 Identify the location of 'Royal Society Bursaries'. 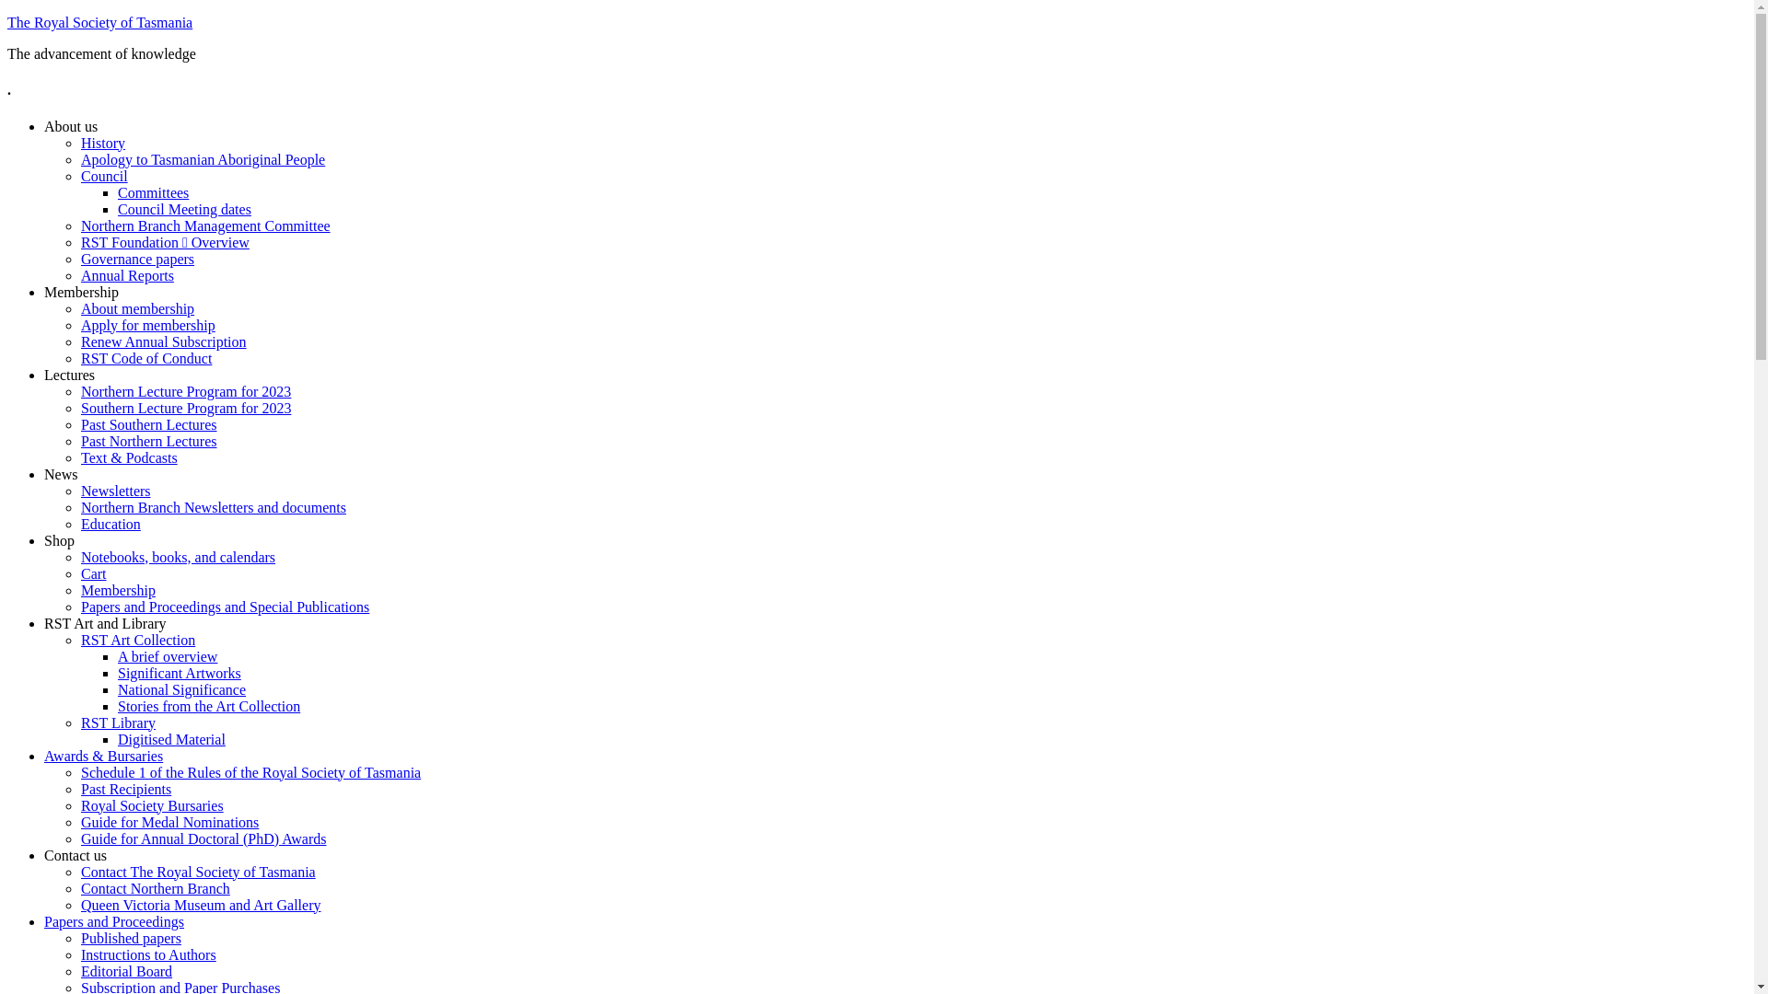
(152, 804).